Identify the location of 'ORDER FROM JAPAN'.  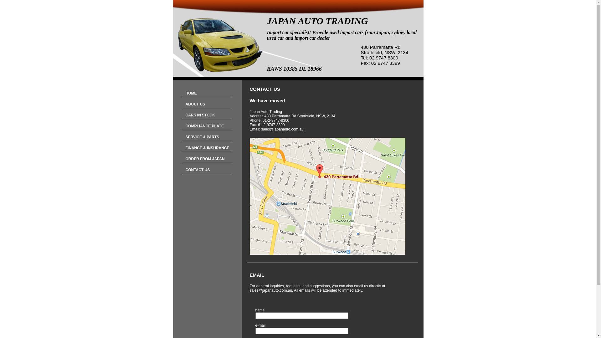
(207, 159).